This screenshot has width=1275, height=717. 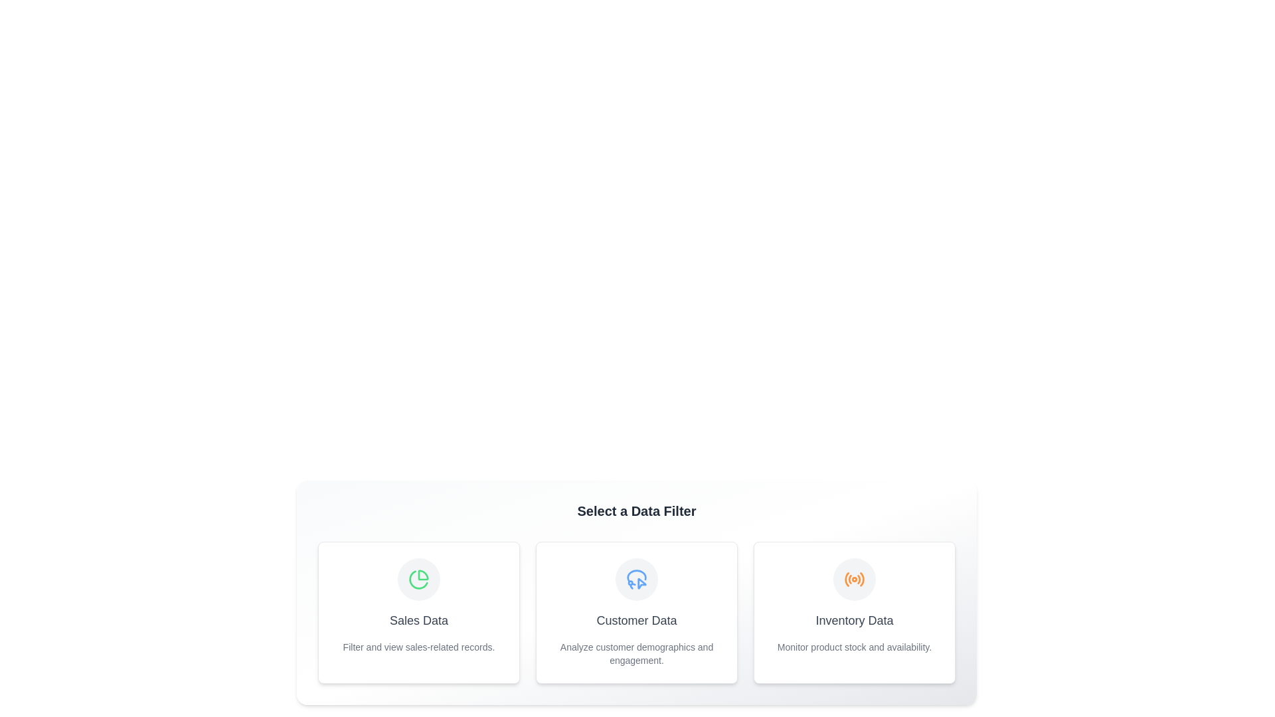 What do you see at coordinates (636, 575) in the screenshot?
I see `decorative vector graphic component that enhances the customer data filter icon, located centrally within the filter card` at bounding box center [636, 575].